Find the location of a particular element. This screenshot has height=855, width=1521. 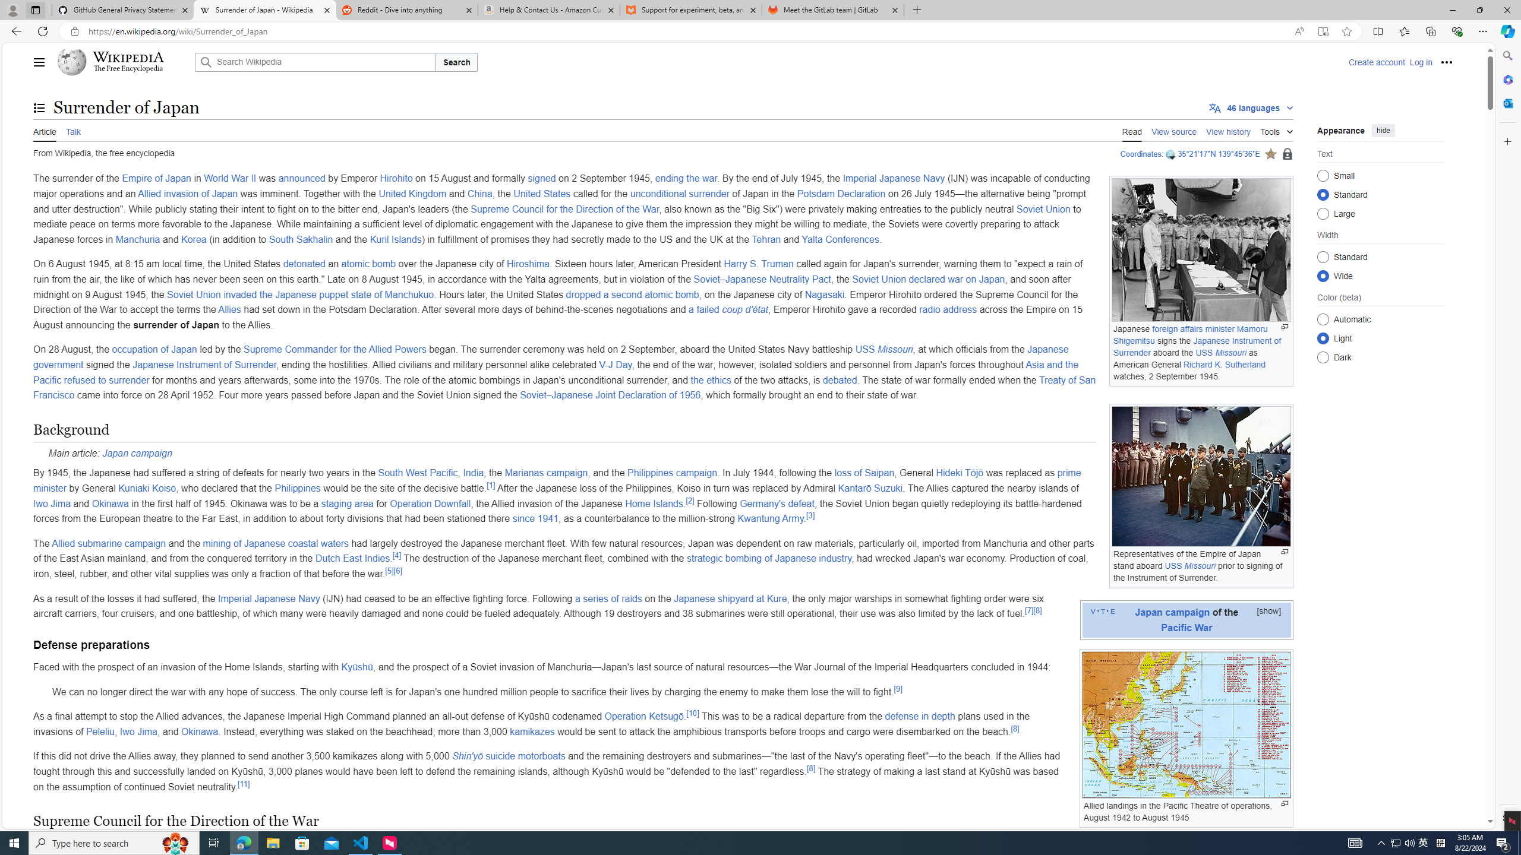

'China' is located at coordinates (479, 193).